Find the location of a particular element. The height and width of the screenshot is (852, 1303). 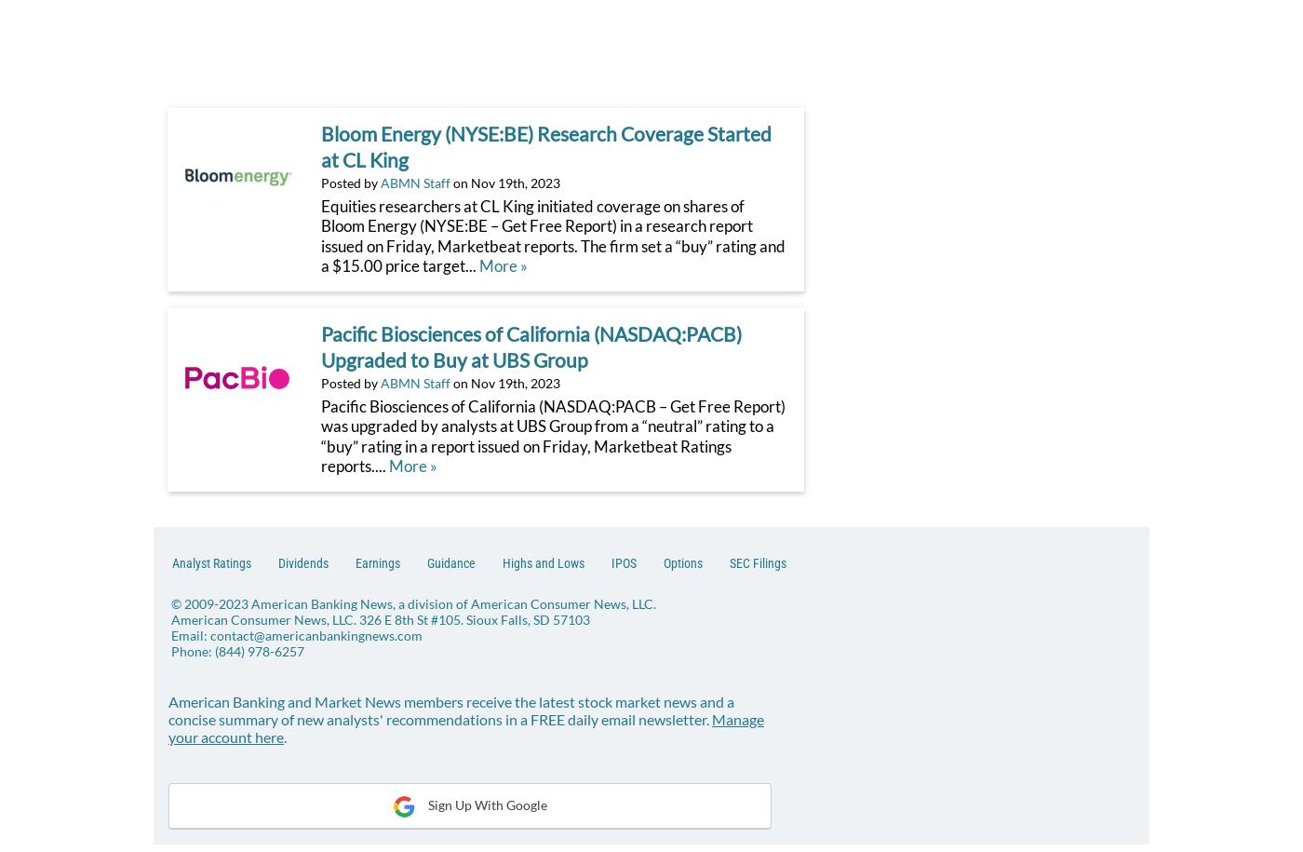

'American Banking News' is located at coordinates (251, 602).